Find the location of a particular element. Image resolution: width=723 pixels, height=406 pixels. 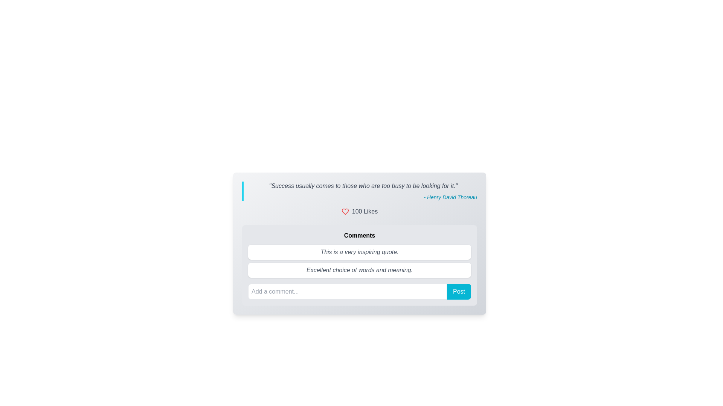

the text component displaying 'This is a very inspiring quote.' in the comments section, which has a white background and is styled with an italicized serif font is located at coordinates (359, 252).